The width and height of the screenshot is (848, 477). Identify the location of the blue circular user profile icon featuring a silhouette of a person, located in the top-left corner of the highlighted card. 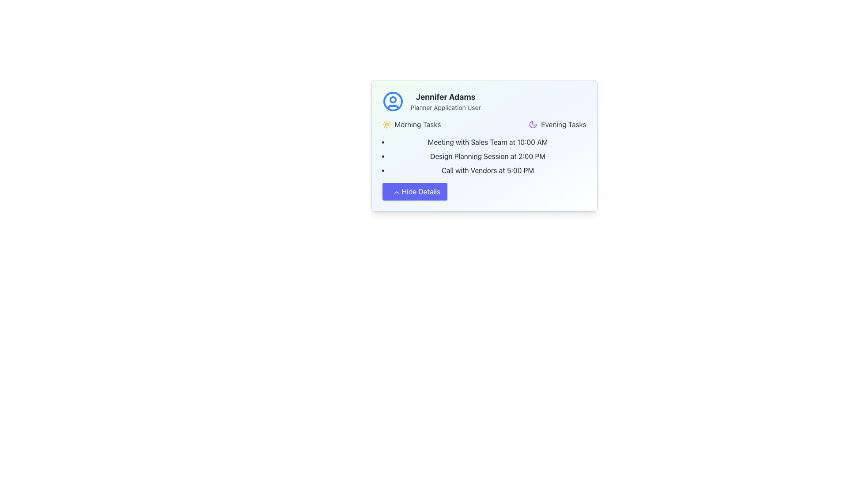
(392, 101).